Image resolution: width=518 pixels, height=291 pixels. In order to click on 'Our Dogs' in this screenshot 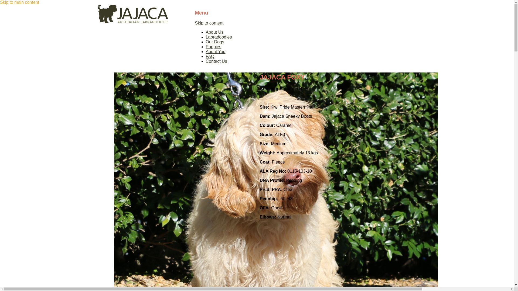, I will do `click(214, 41)`.